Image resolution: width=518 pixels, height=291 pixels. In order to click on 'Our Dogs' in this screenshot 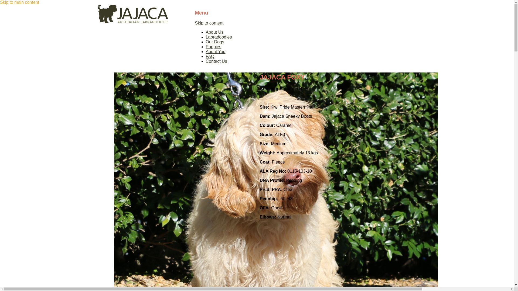, I will do `click(214, 41)`.